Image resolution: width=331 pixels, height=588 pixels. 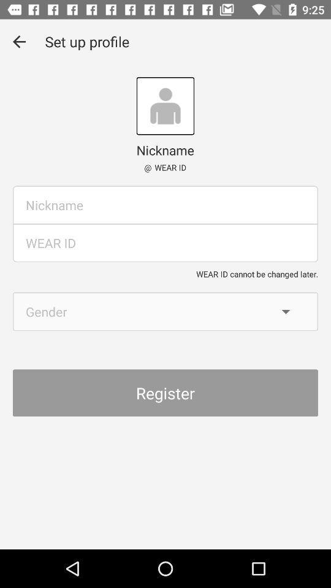 I want to click on id box, so click(x=165, y=242).